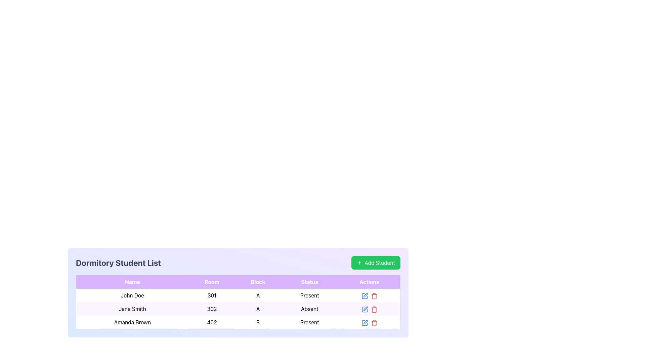  Describe the element at coordinates (258, 309) in the screenshot. I see `the text label representing the block assignment for the student 'Jane Smith', located in the third column labeled 'Block' and the second row` at that location.